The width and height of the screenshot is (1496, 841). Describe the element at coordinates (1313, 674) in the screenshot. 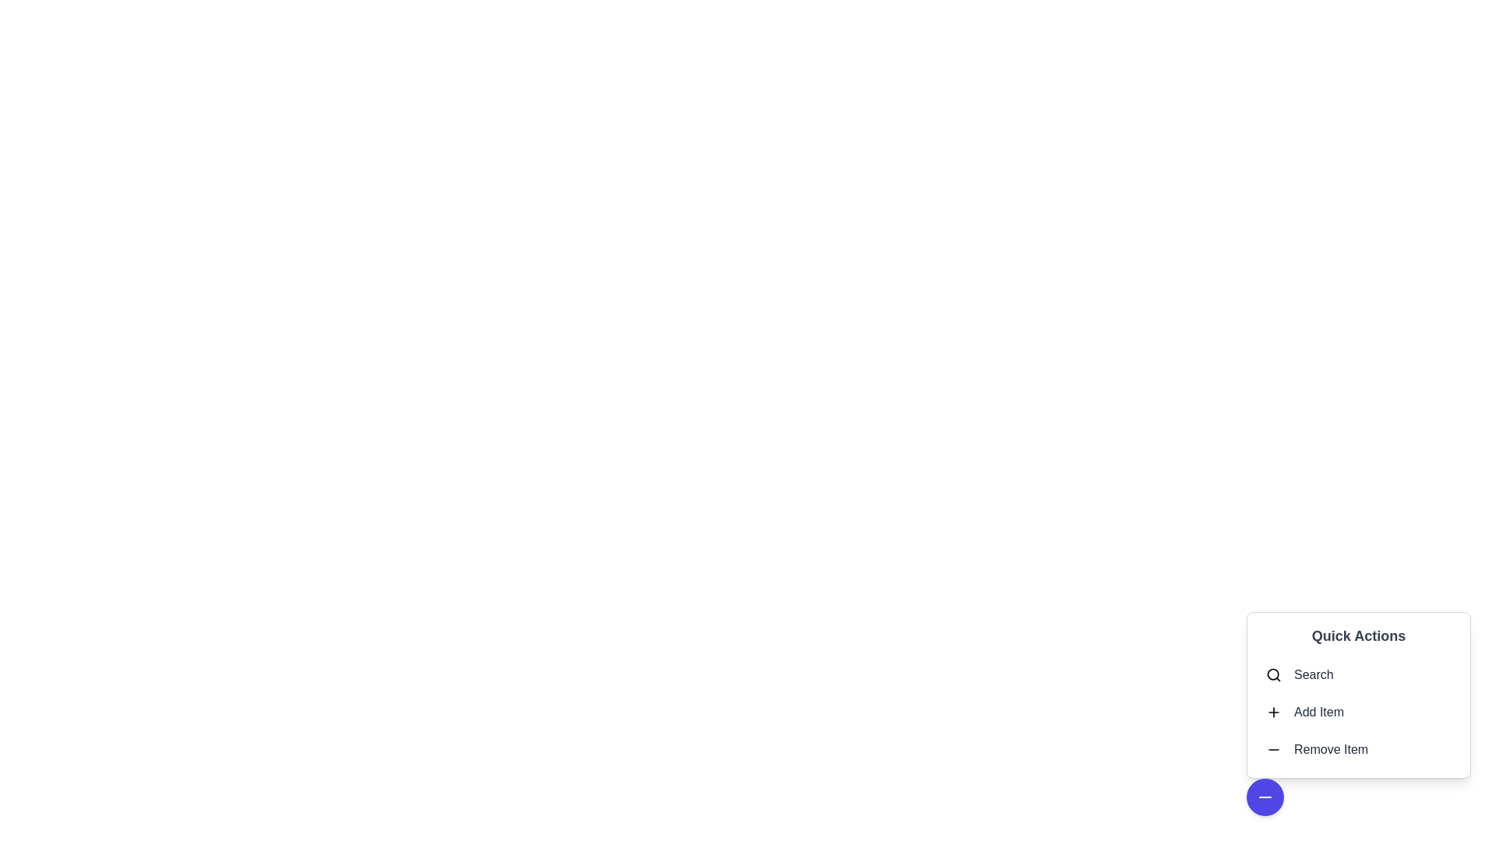

I see `the text label that serves as a descriptor for the associated search icon, located in the 'Quick Actions' section` at that location.